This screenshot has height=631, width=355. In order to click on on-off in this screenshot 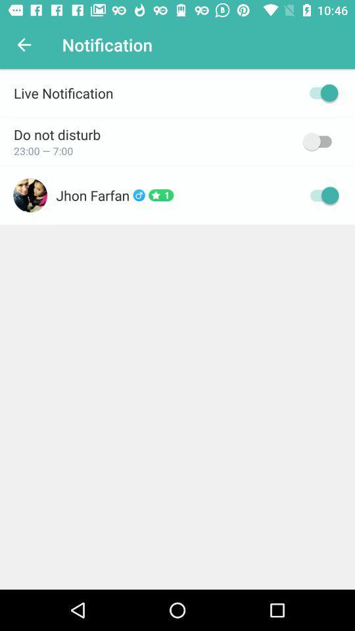, I will do `click(319, 92)`.